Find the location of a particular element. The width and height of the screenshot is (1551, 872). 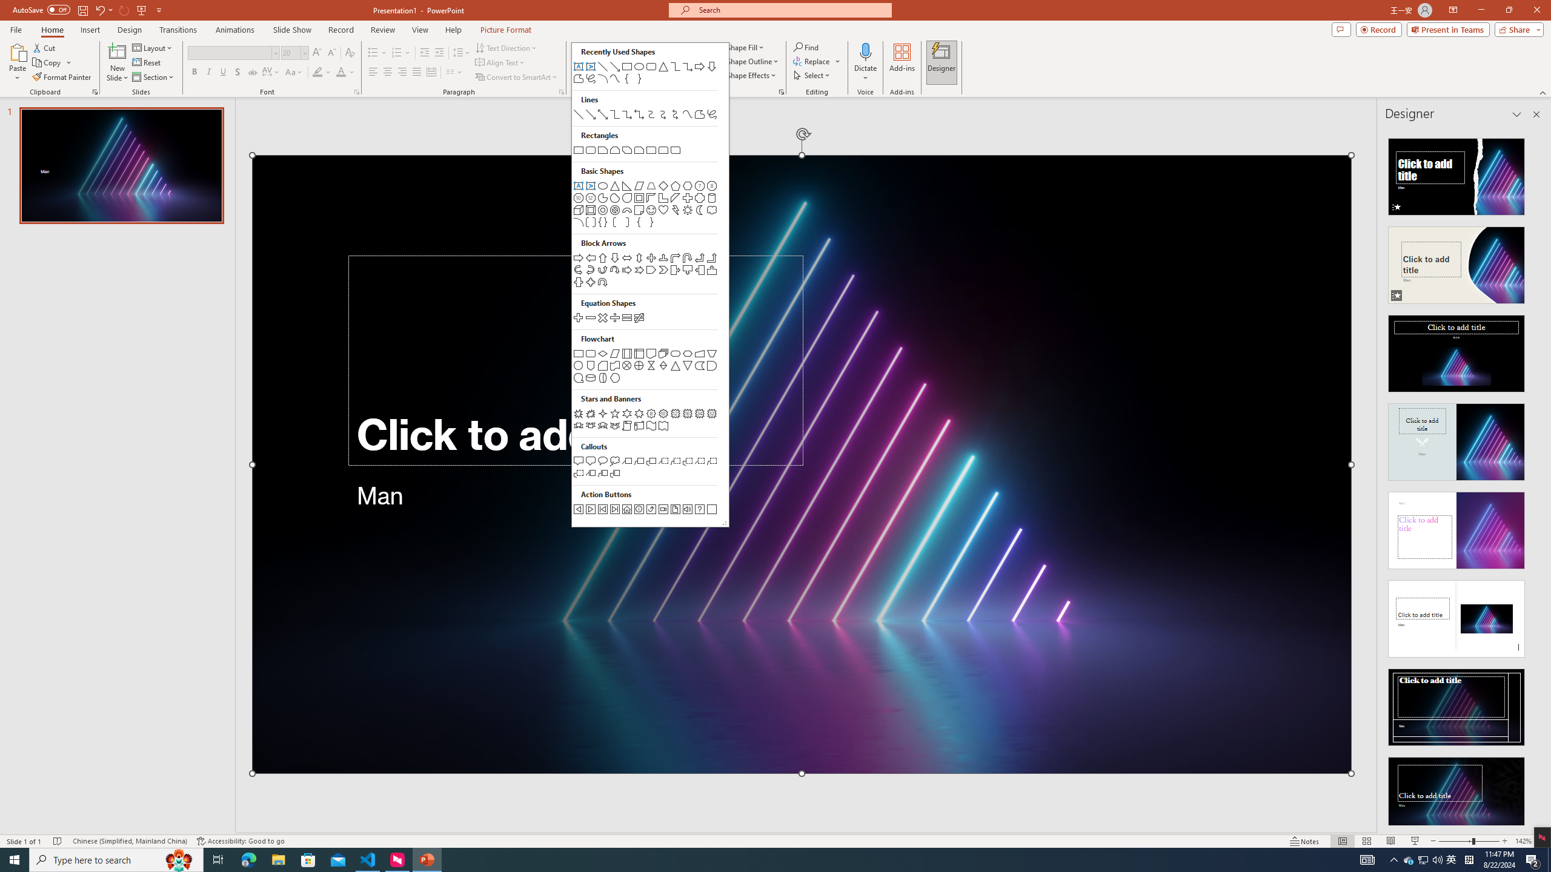

'Character Spacing' is located at coordinates (271, 71).